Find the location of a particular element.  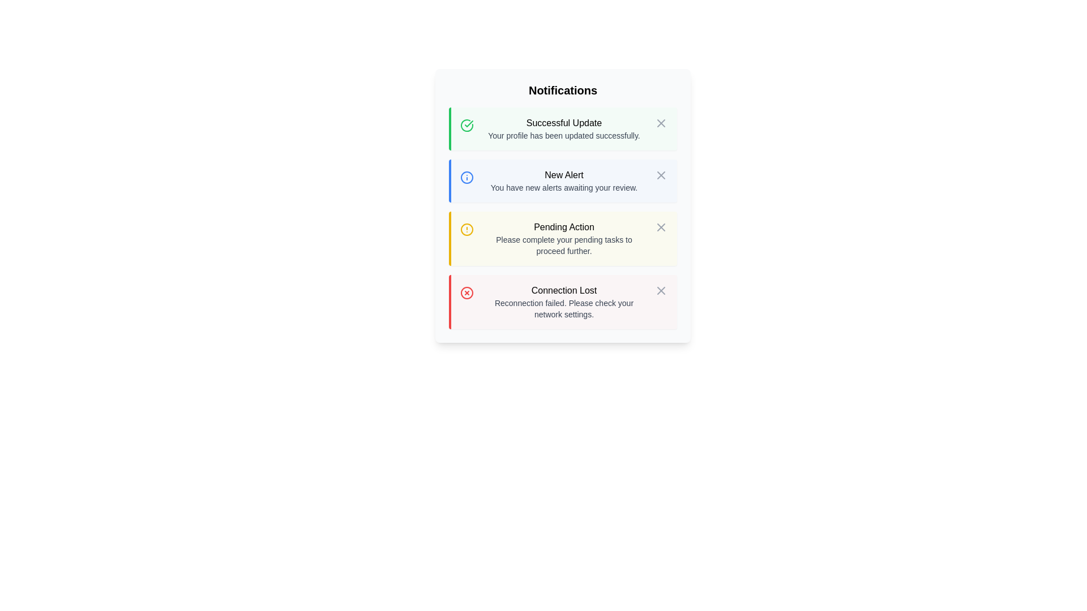

the small gray 'X' icon button located in the top right corner of the first notification, next to the 'Successful Update' message, to change its visual state is located at coordinates (661, 123).